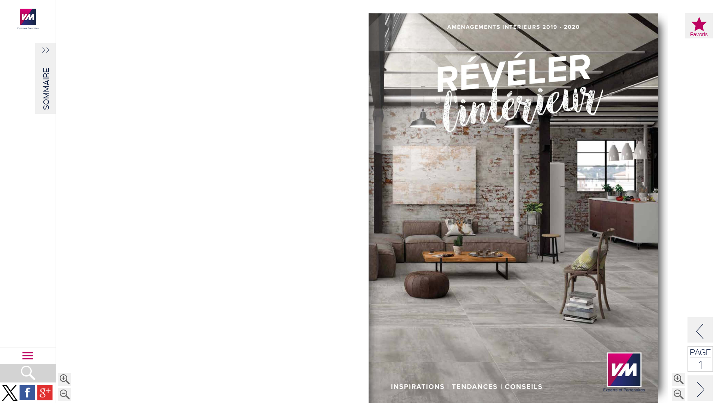 Image resolution: width=717 pixels, height=403 pixels. What do you see at coordinates (44, 392) in the screenshot?
I see `'Partager sur Google +'` at bounding box center [44, 392].